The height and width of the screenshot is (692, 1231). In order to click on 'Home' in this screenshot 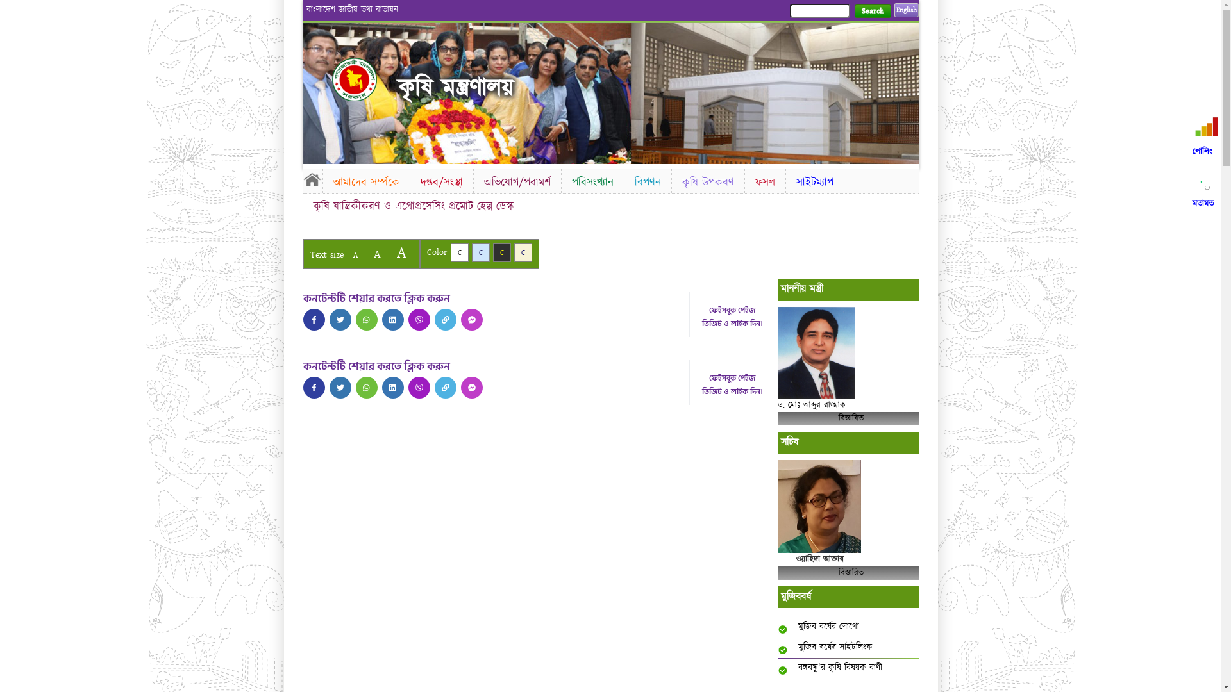, I will do `click(365, 79)`.